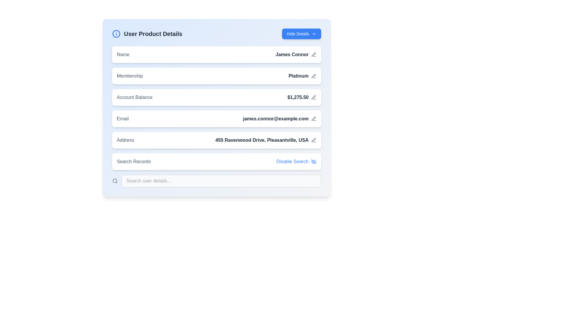  What do you see at coordinates (313, 119) in the screenshot?
I see `the edit icon button located in the row labeled 'Email', to the right of the email address 'james.connor@example.com', to initiate the edit functionality` at bounding box center [313, 119].